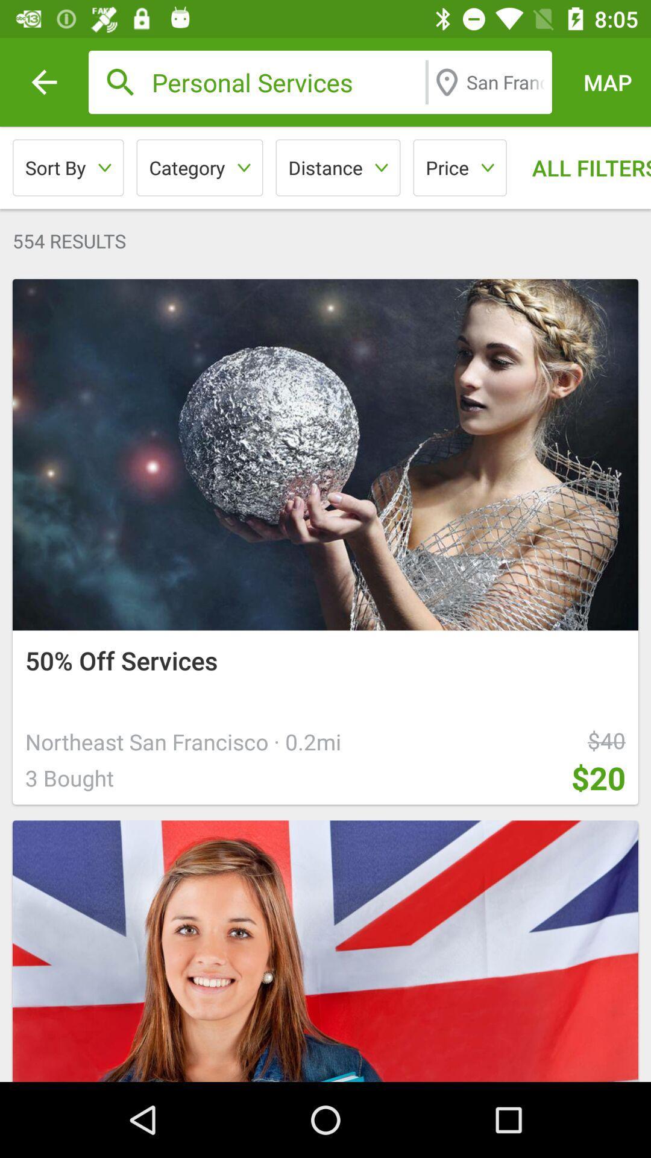  Describe the element at coordinates (199, 167) in the screenshot. I see `category icon` at that location.